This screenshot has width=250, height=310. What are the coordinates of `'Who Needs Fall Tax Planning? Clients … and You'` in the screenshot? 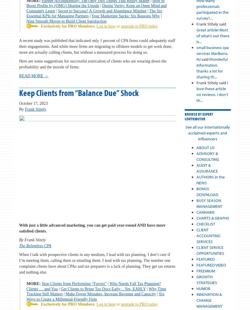 It's located at (93, 286).